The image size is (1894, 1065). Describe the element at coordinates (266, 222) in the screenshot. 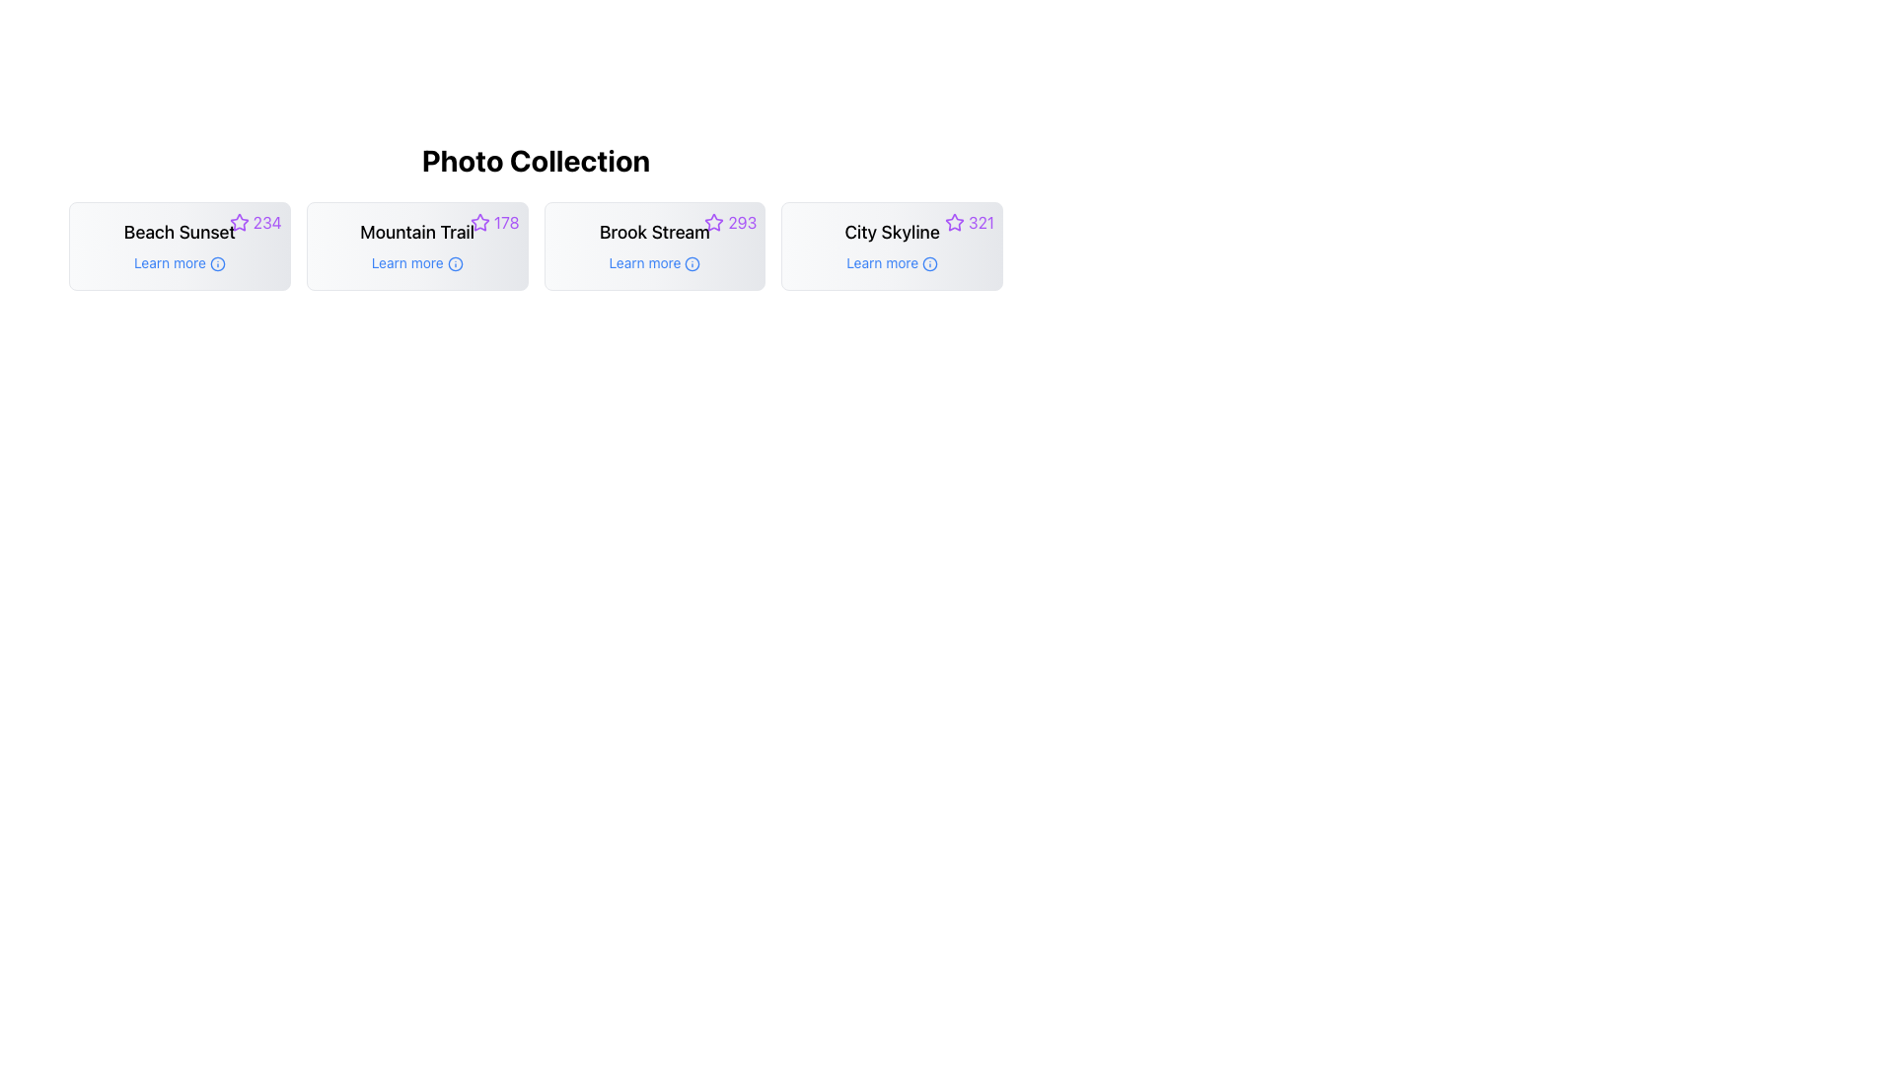

I see `the purple-colored number '234' displayed next to the star icon in the top-right corner of the 'Beach Sunset' card` at that location.